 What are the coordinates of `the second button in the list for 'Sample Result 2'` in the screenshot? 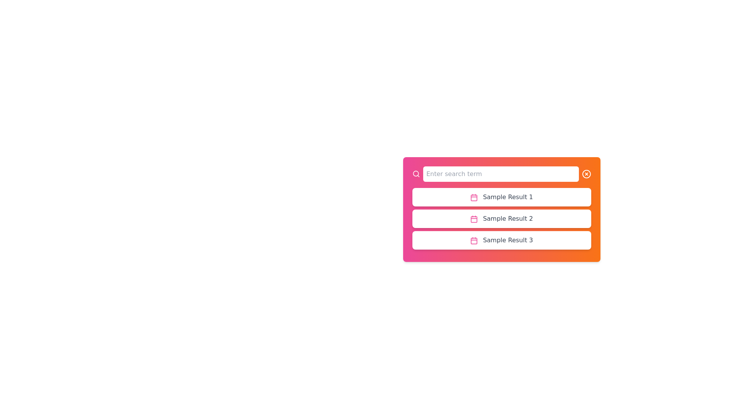 It's located at (501, 218).